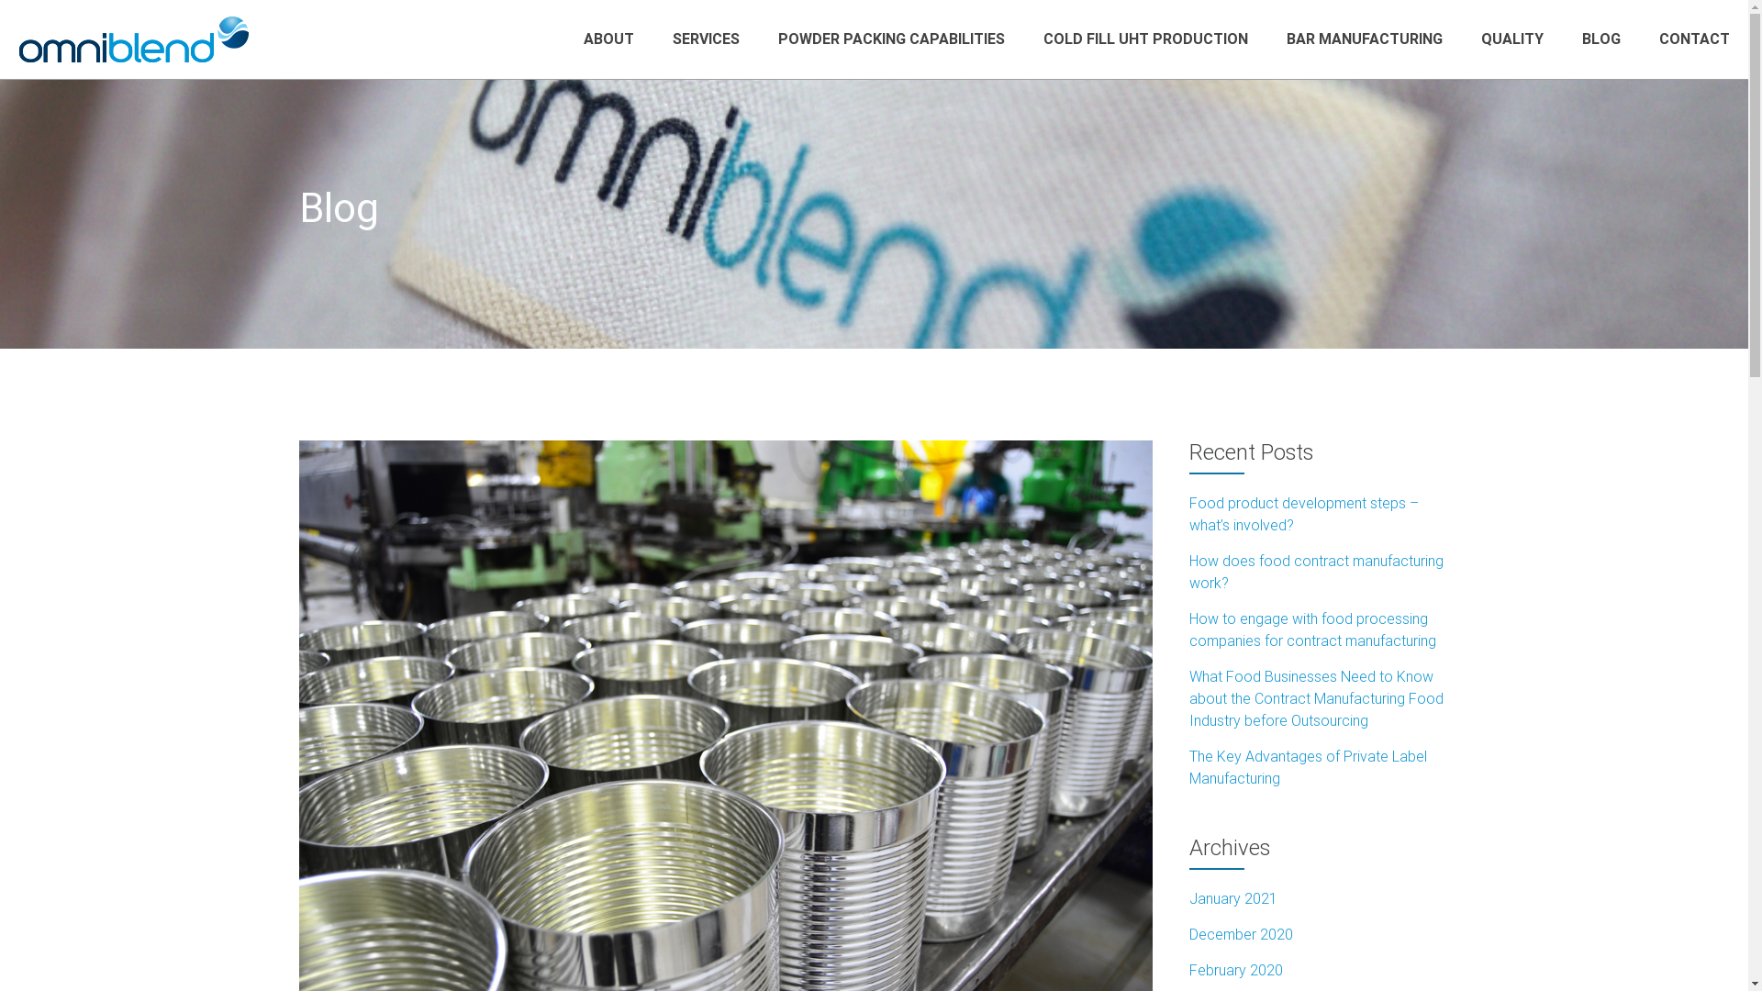 The width and height of the screenshot is (1762, 991). What do you see at coordinates (1233, 897) in the screenshot?
I see `'January 2021'` at bounding box center [1233, 897].